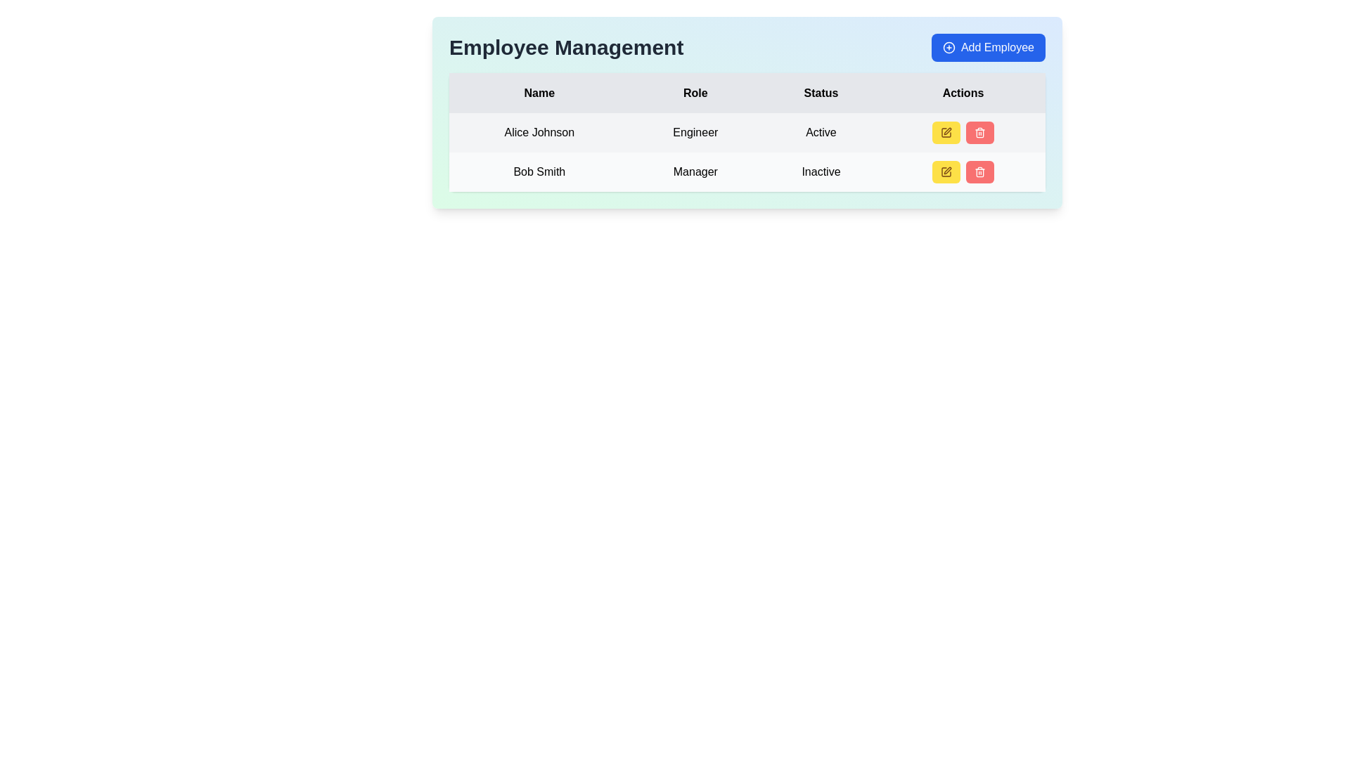  I want to click on the edit icon located in the second row under the 'Actions' column of the table, which is nested inside the yellow button and is the first of the two action buttons in this row to initiate an edit action, so click(948, 170).